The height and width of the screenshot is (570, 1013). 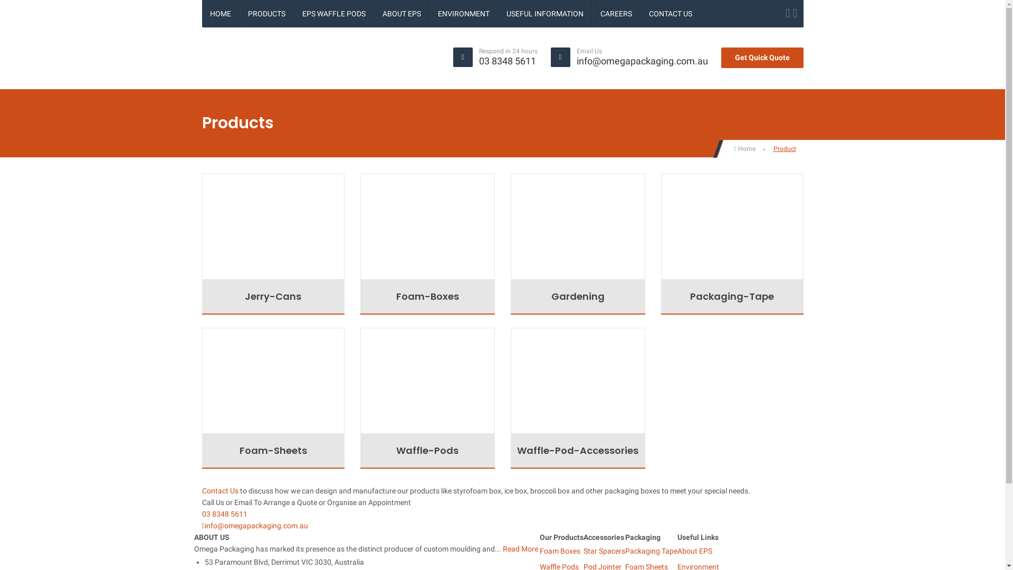 I want to click on 'USEFUL INFORMATION', so click(x=544, y=14).